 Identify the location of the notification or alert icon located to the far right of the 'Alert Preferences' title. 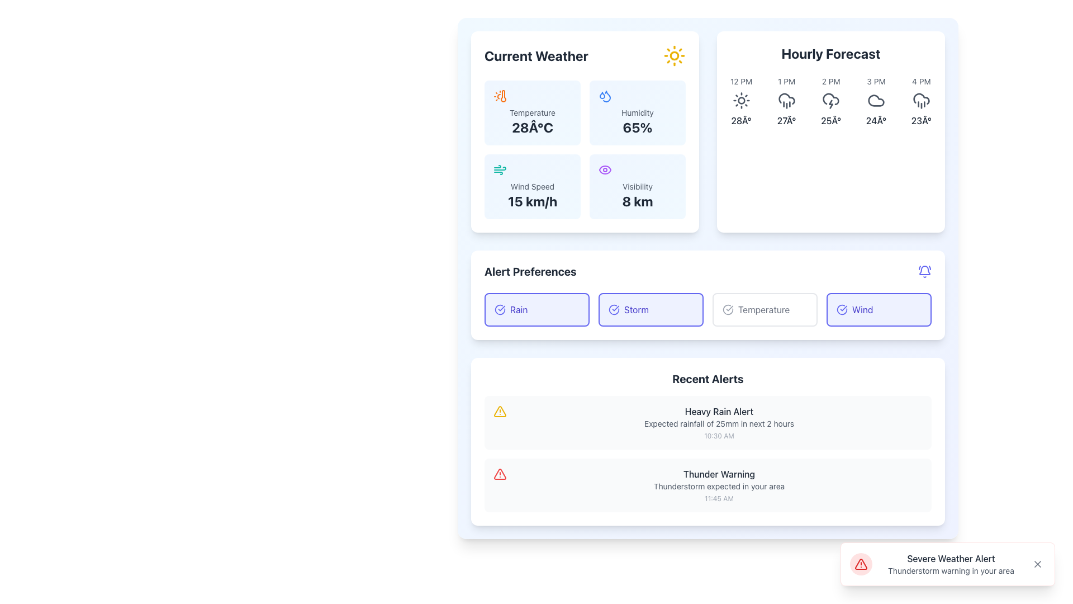
(925, 272).